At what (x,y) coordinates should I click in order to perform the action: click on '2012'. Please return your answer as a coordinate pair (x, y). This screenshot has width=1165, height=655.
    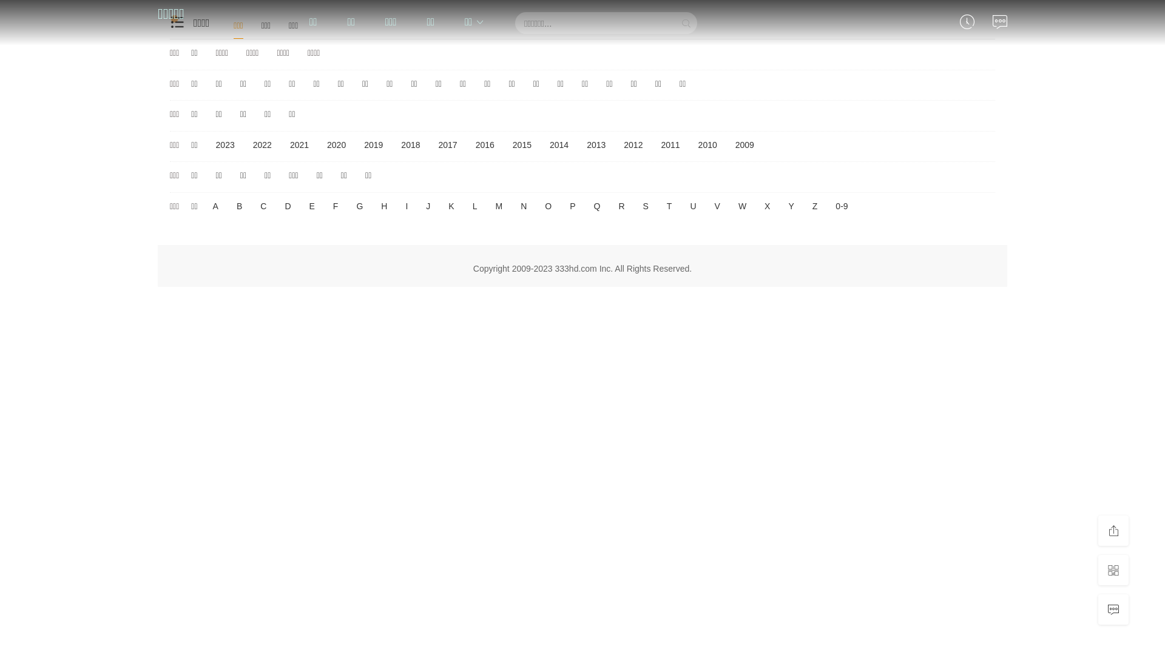
    Looking at the image, I should click on (617, 144).